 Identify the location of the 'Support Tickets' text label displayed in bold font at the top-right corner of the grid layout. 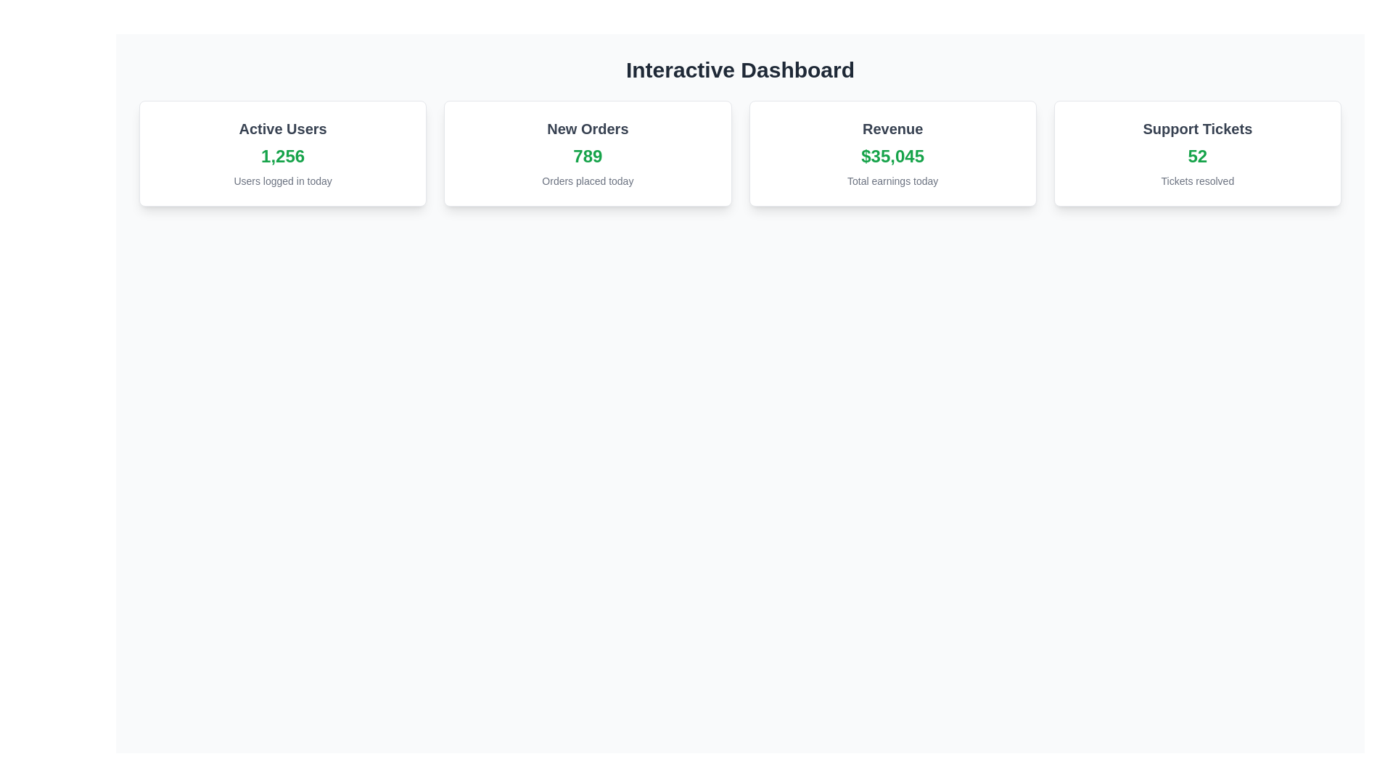
(1197, 128).